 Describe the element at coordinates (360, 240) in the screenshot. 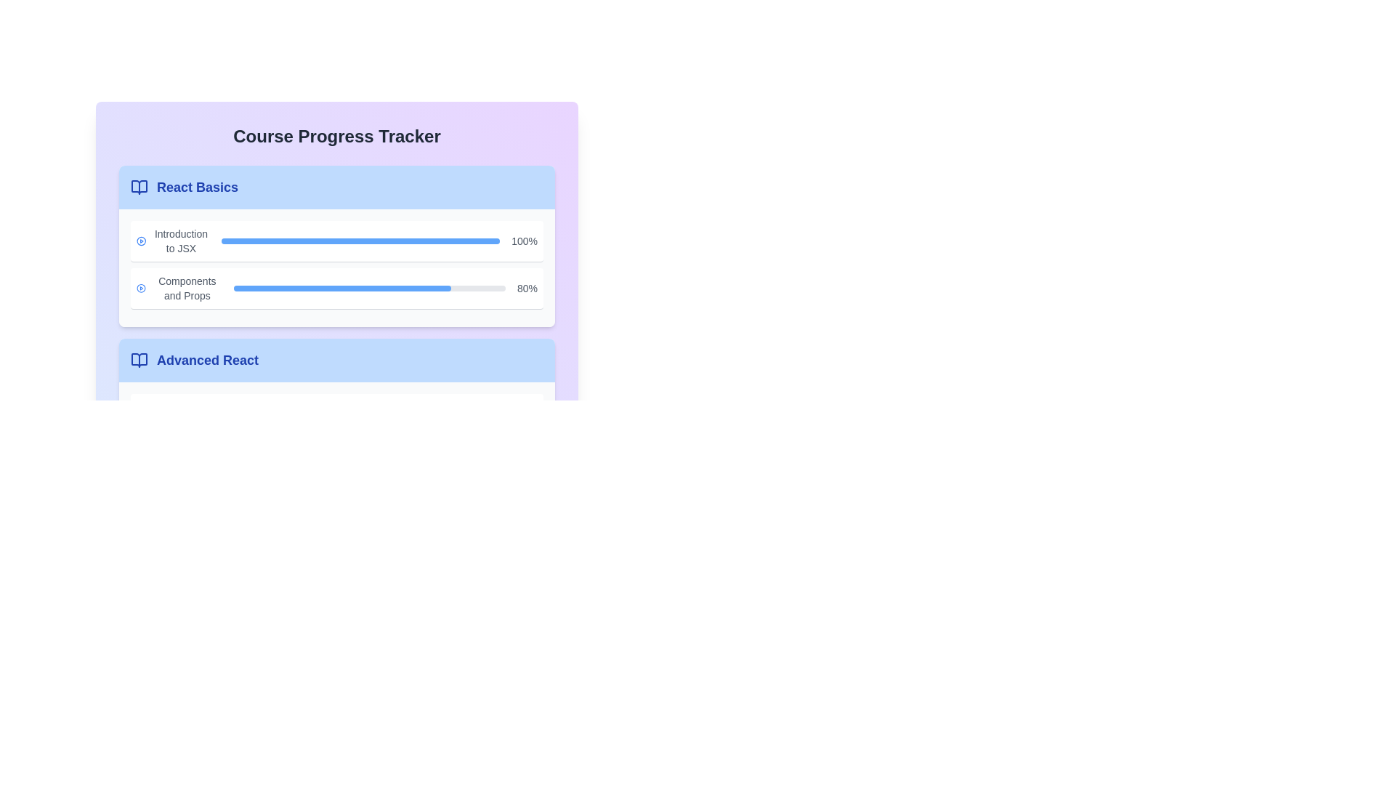

I see `the fully filled progress bar indicating the completion of the course 'Introduction to JSX'` at that location.